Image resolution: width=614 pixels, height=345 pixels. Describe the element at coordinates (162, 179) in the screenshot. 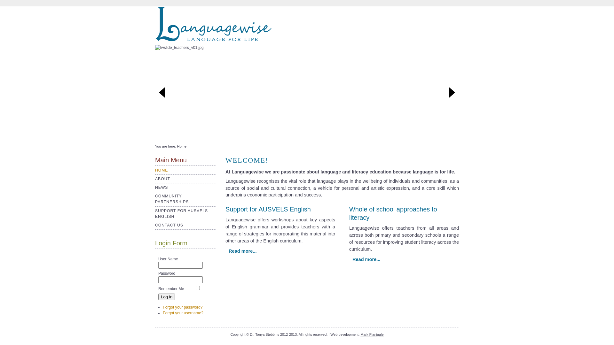

I see `'ABOUT'` at that location.